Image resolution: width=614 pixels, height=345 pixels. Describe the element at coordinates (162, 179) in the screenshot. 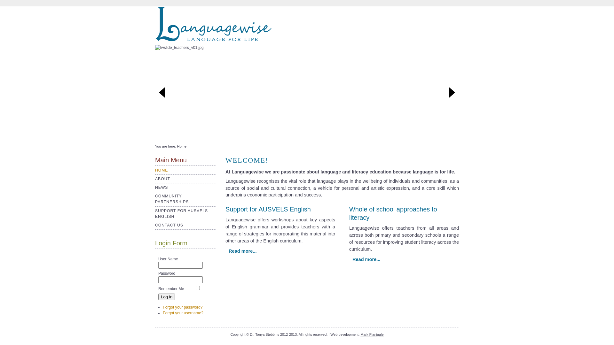

I see `'ABOUT'` at that location.